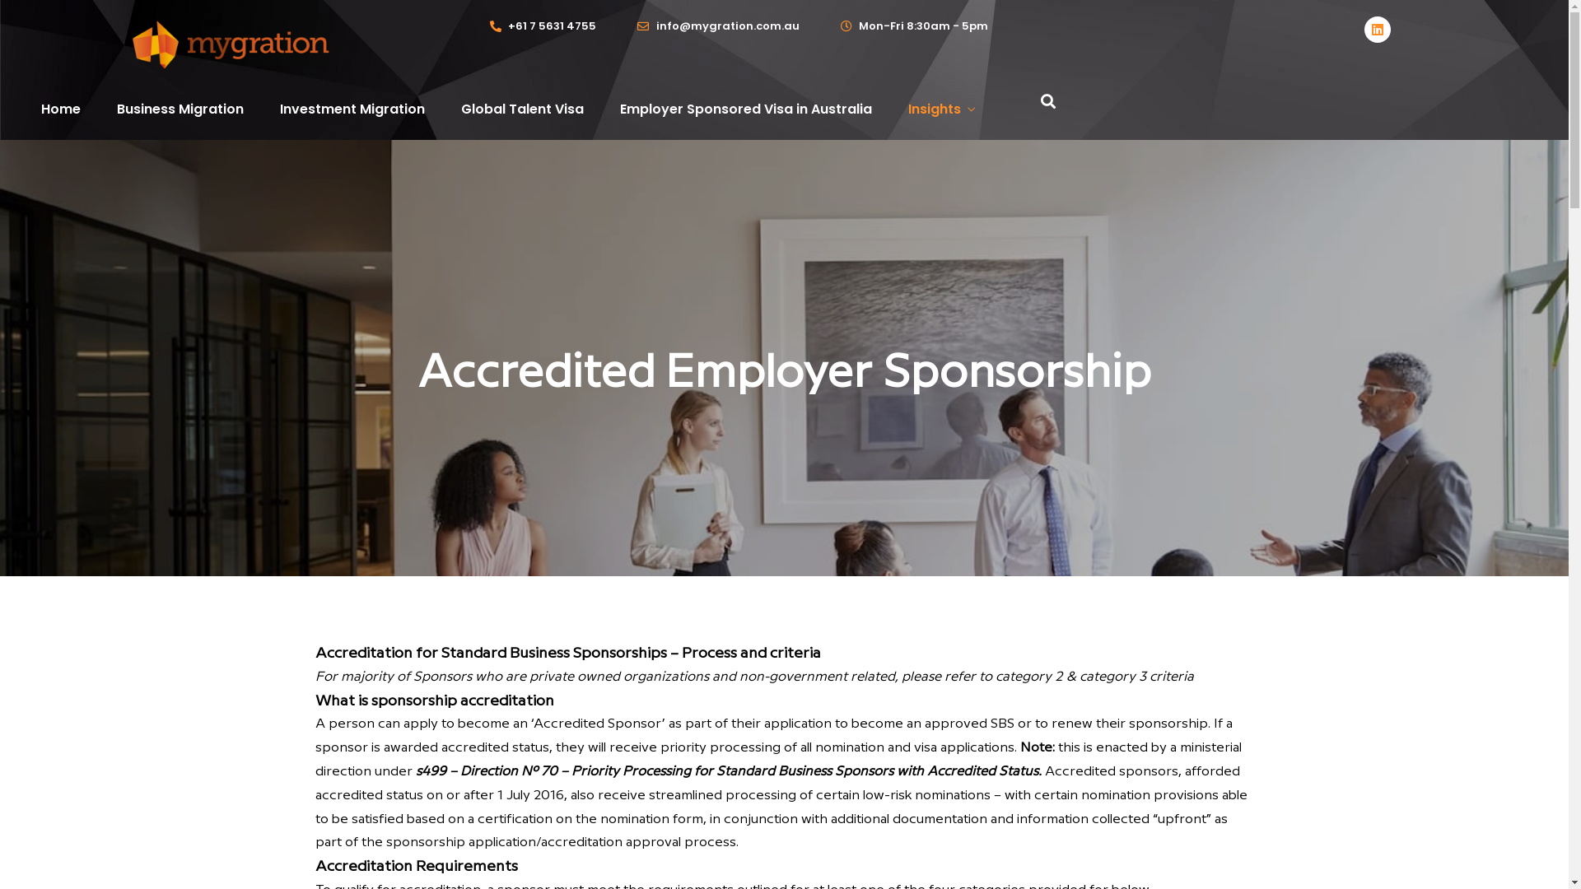 This screenshot has height=889, width=1581. What do you see at coordinates (461, 109) in the screenshot?
I see `'Global Talent Visa'` at bounding box center [461, 109].